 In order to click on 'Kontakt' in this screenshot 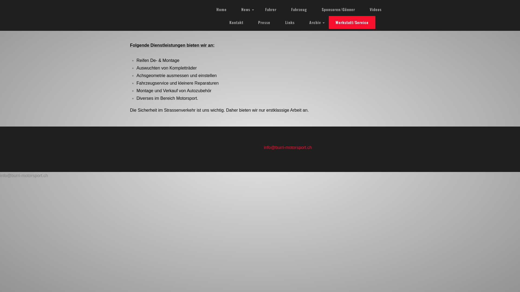, I will do `click(236, 22)`.